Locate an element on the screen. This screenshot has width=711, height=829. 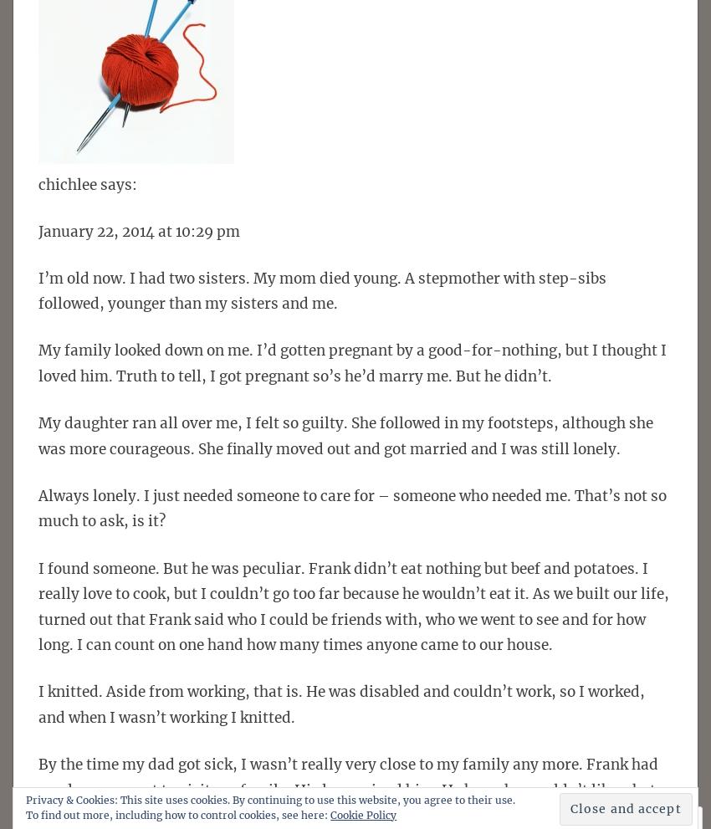
'Privacy & Cookies: This site uses cookies. By continuing to use this website, you agree to their use.' is located at coordinates (270, 799).